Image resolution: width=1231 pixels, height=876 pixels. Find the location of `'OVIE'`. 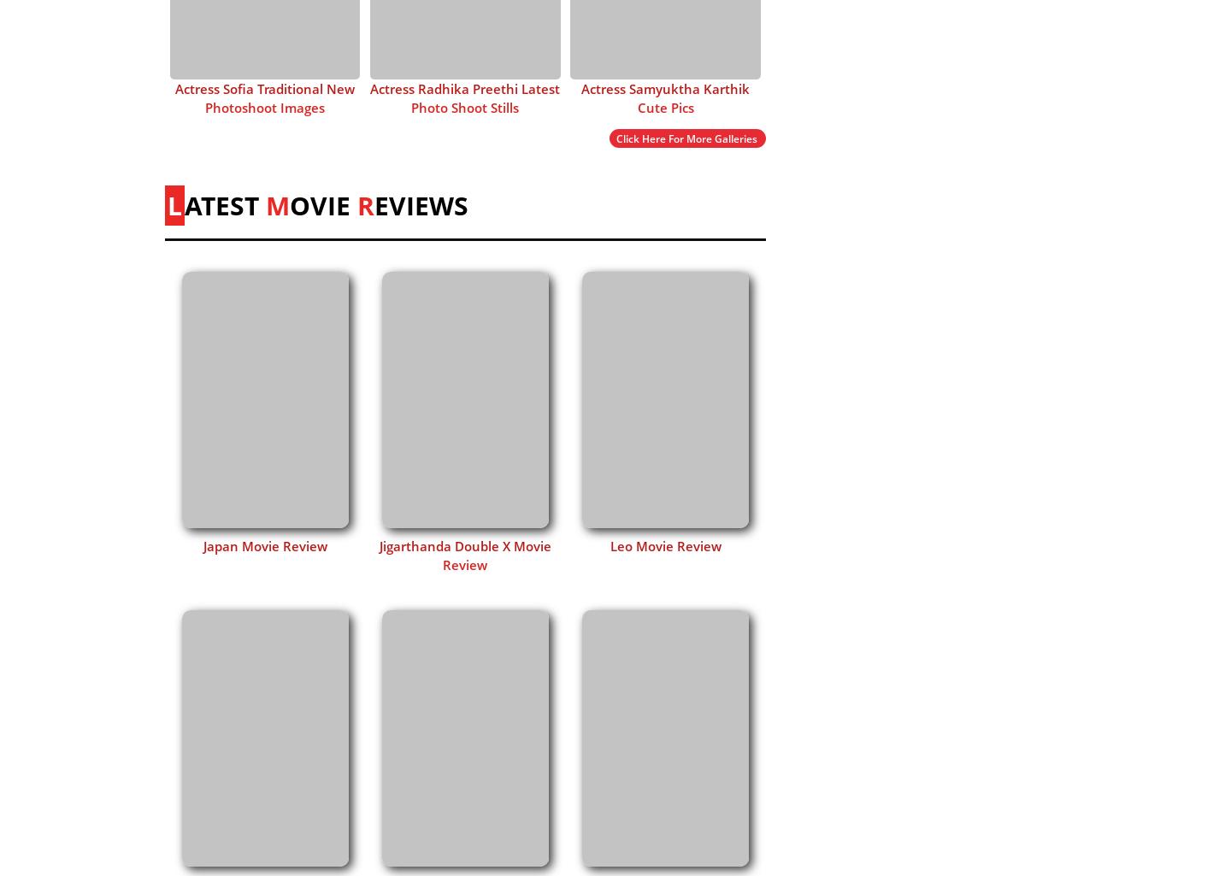

'OVIE' is located at coordinates (322, 203).